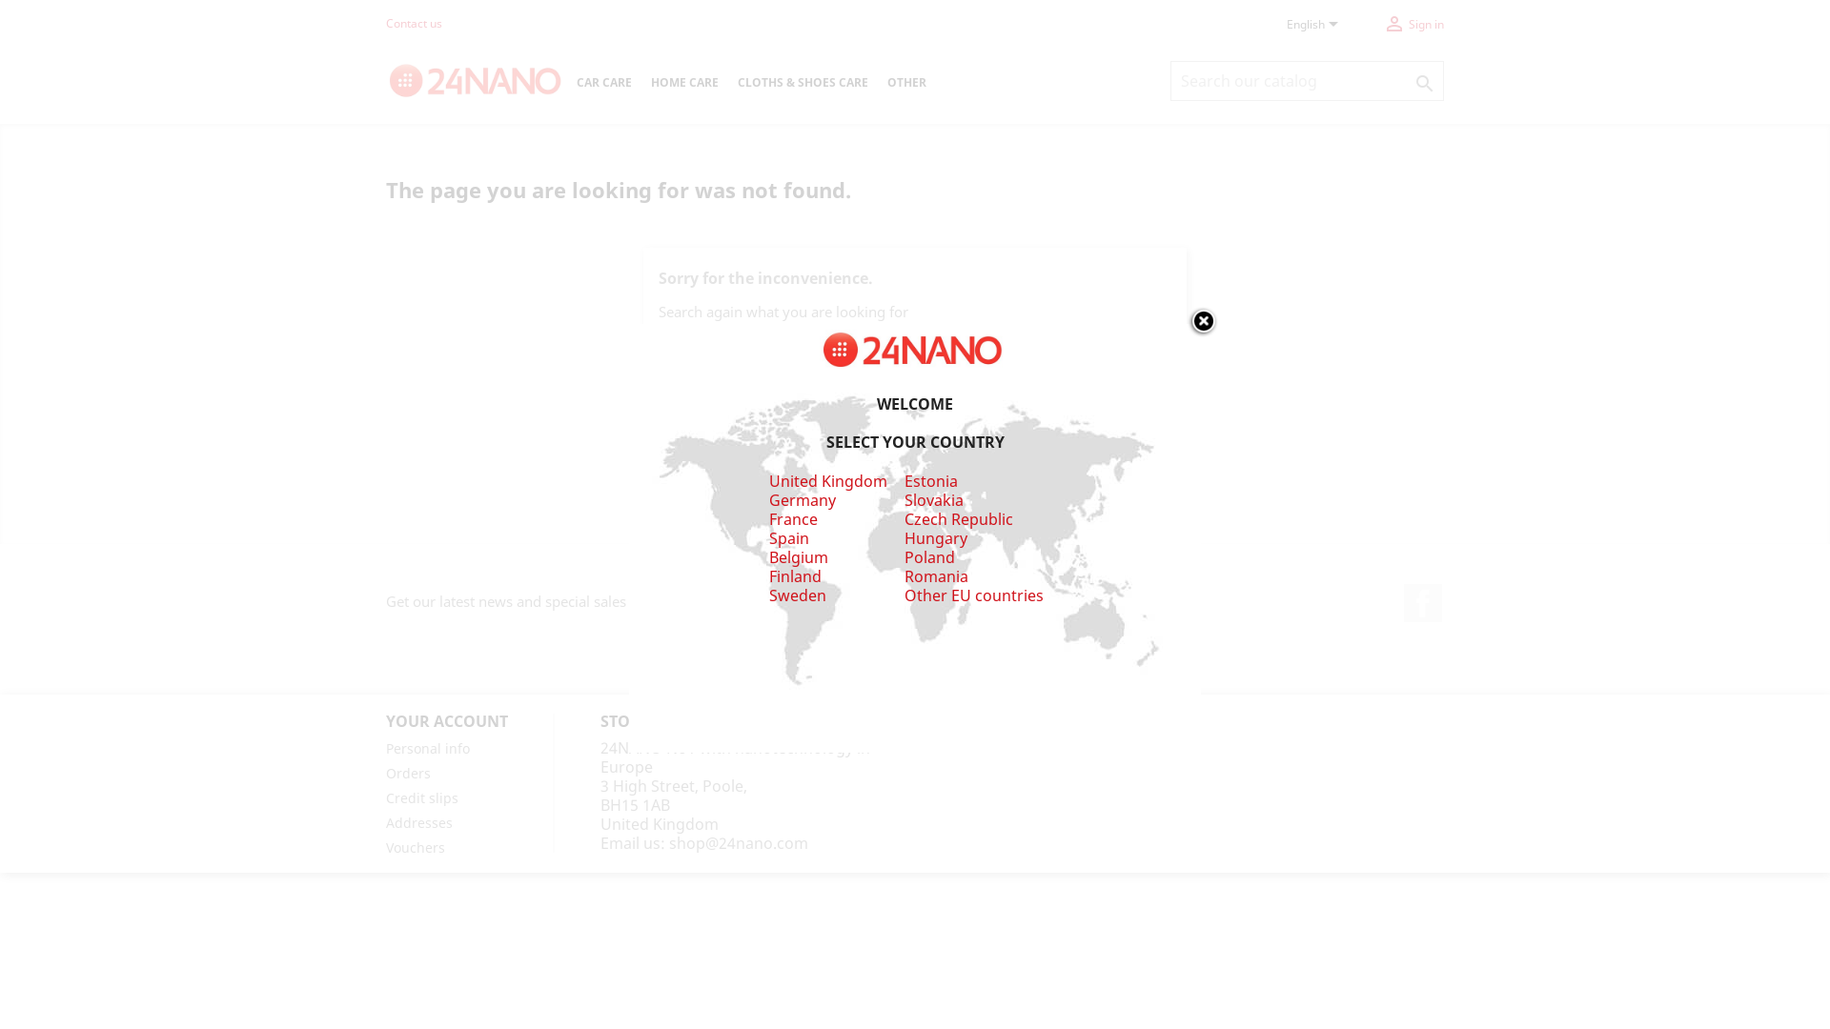 The height and width of the screenshot is (1029, 1830). Describe the element at coordinates (640, 83) in the screenshot. I see `'HOME CARE'` at that location.